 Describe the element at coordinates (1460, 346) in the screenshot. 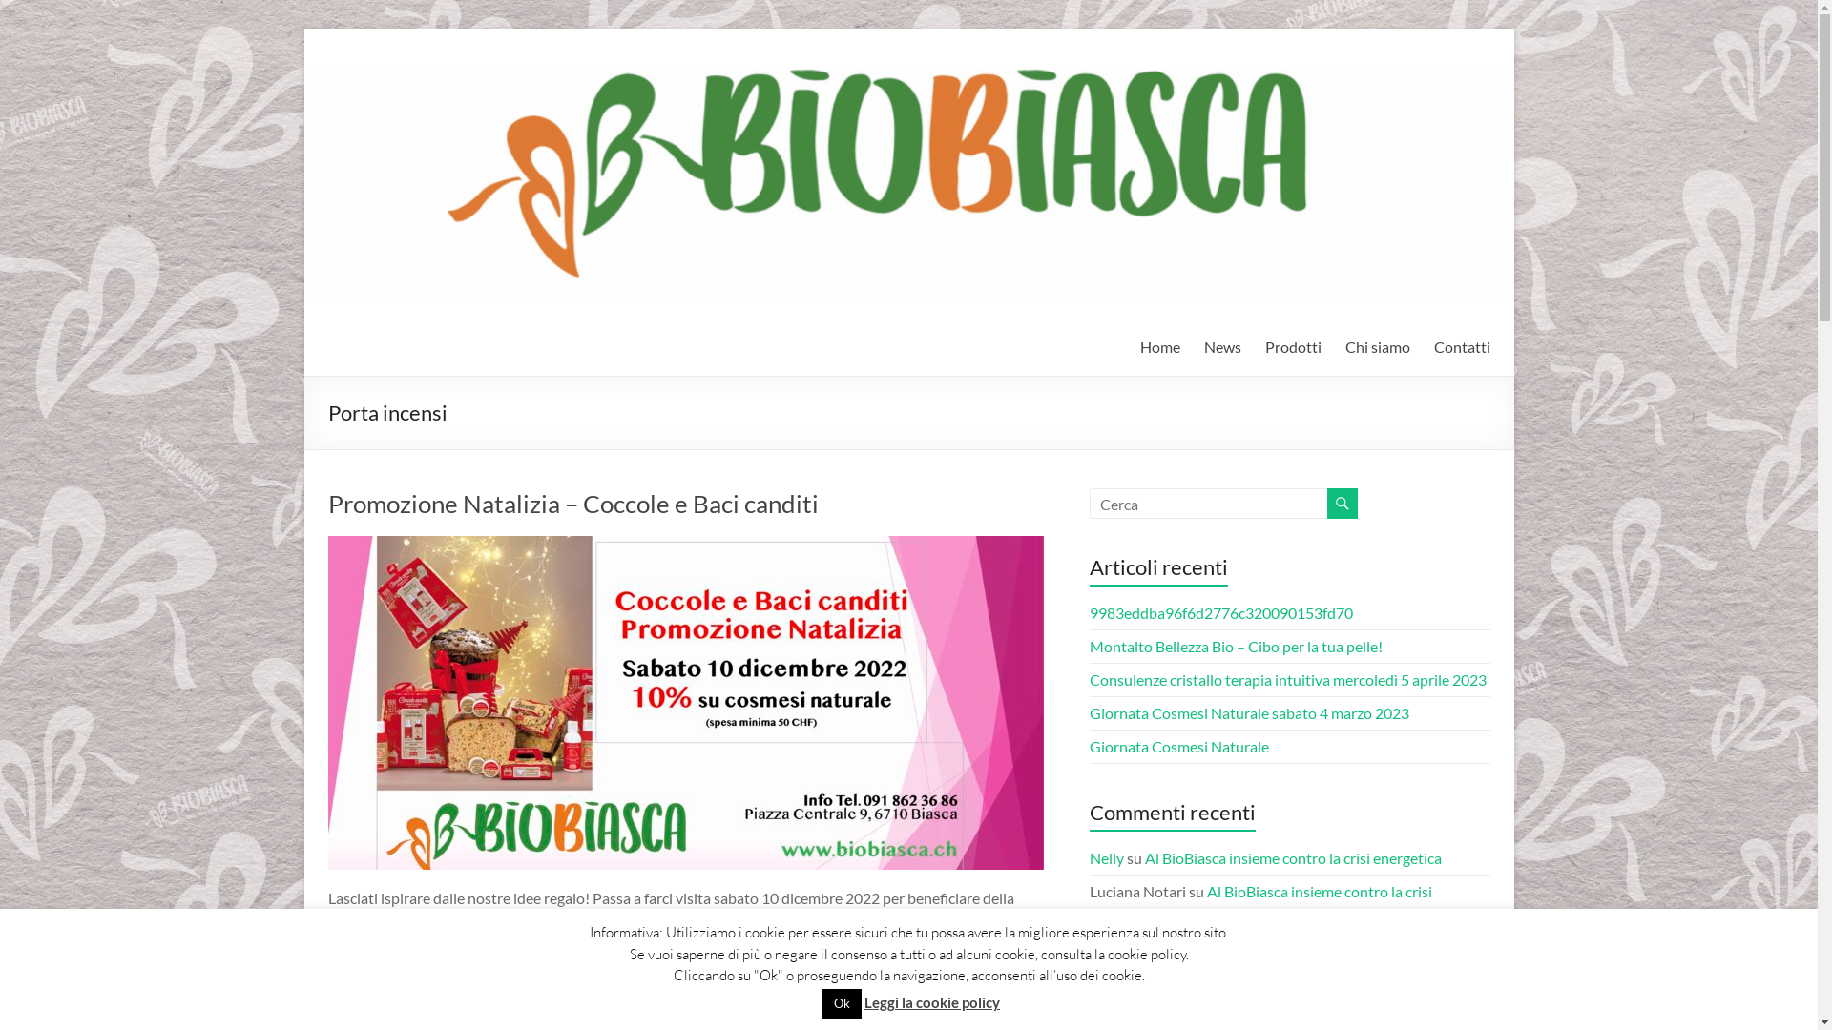

I see `'Contatti'` at that location.